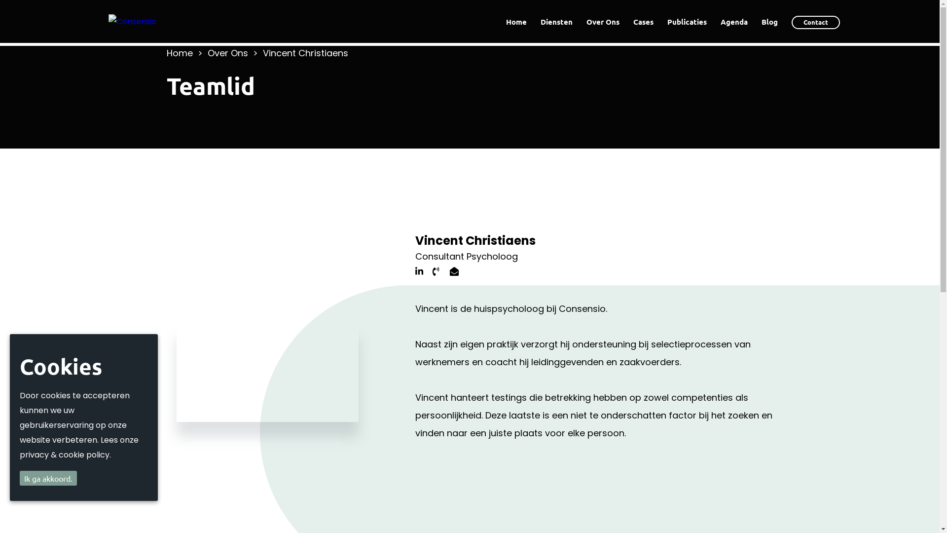  What do you see at coordinates (643, 21) in the screenshot?
I see `'Cases'` at bounding box center [643, 21].